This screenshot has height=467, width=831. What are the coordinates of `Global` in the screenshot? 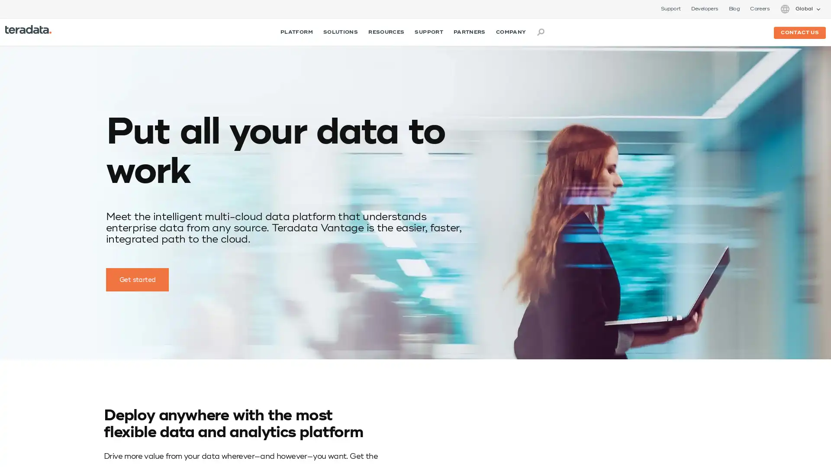 It's located at (799, 9).